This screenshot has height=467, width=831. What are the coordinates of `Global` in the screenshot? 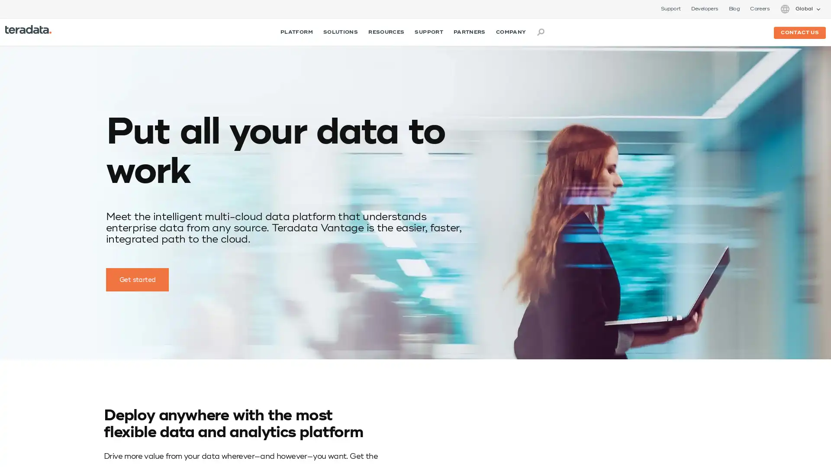 It's located at (799, 9).